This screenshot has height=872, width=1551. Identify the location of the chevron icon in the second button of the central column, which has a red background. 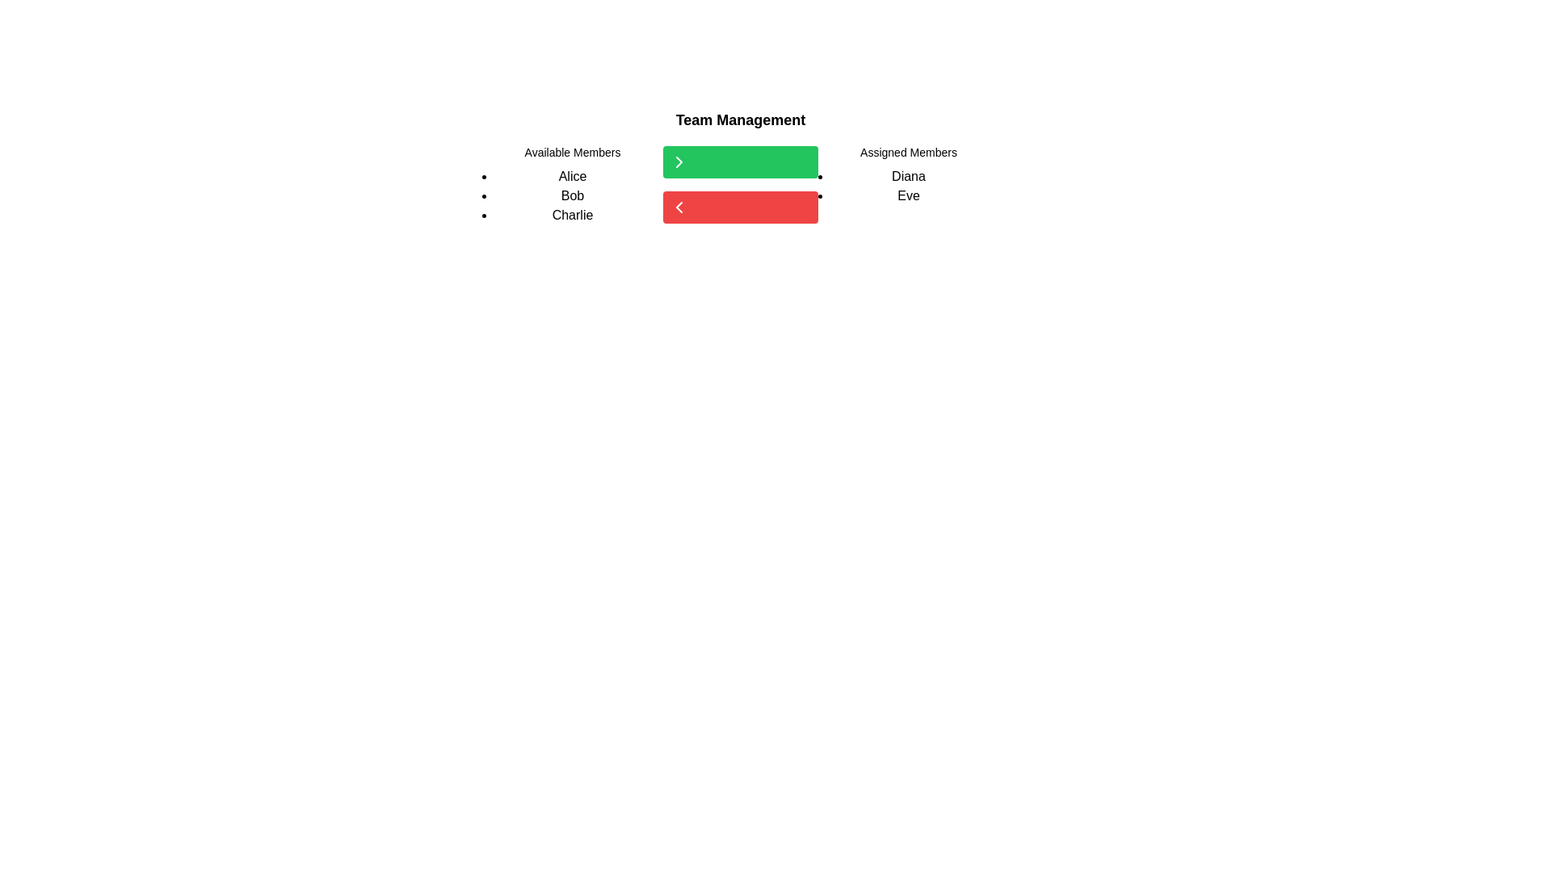
(679, 207).